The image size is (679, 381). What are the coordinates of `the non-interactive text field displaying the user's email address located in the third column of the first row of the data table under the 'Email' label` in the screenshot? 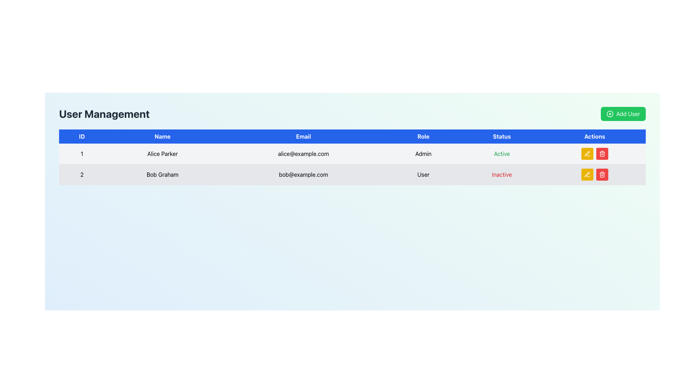 It's located at (303, 153).